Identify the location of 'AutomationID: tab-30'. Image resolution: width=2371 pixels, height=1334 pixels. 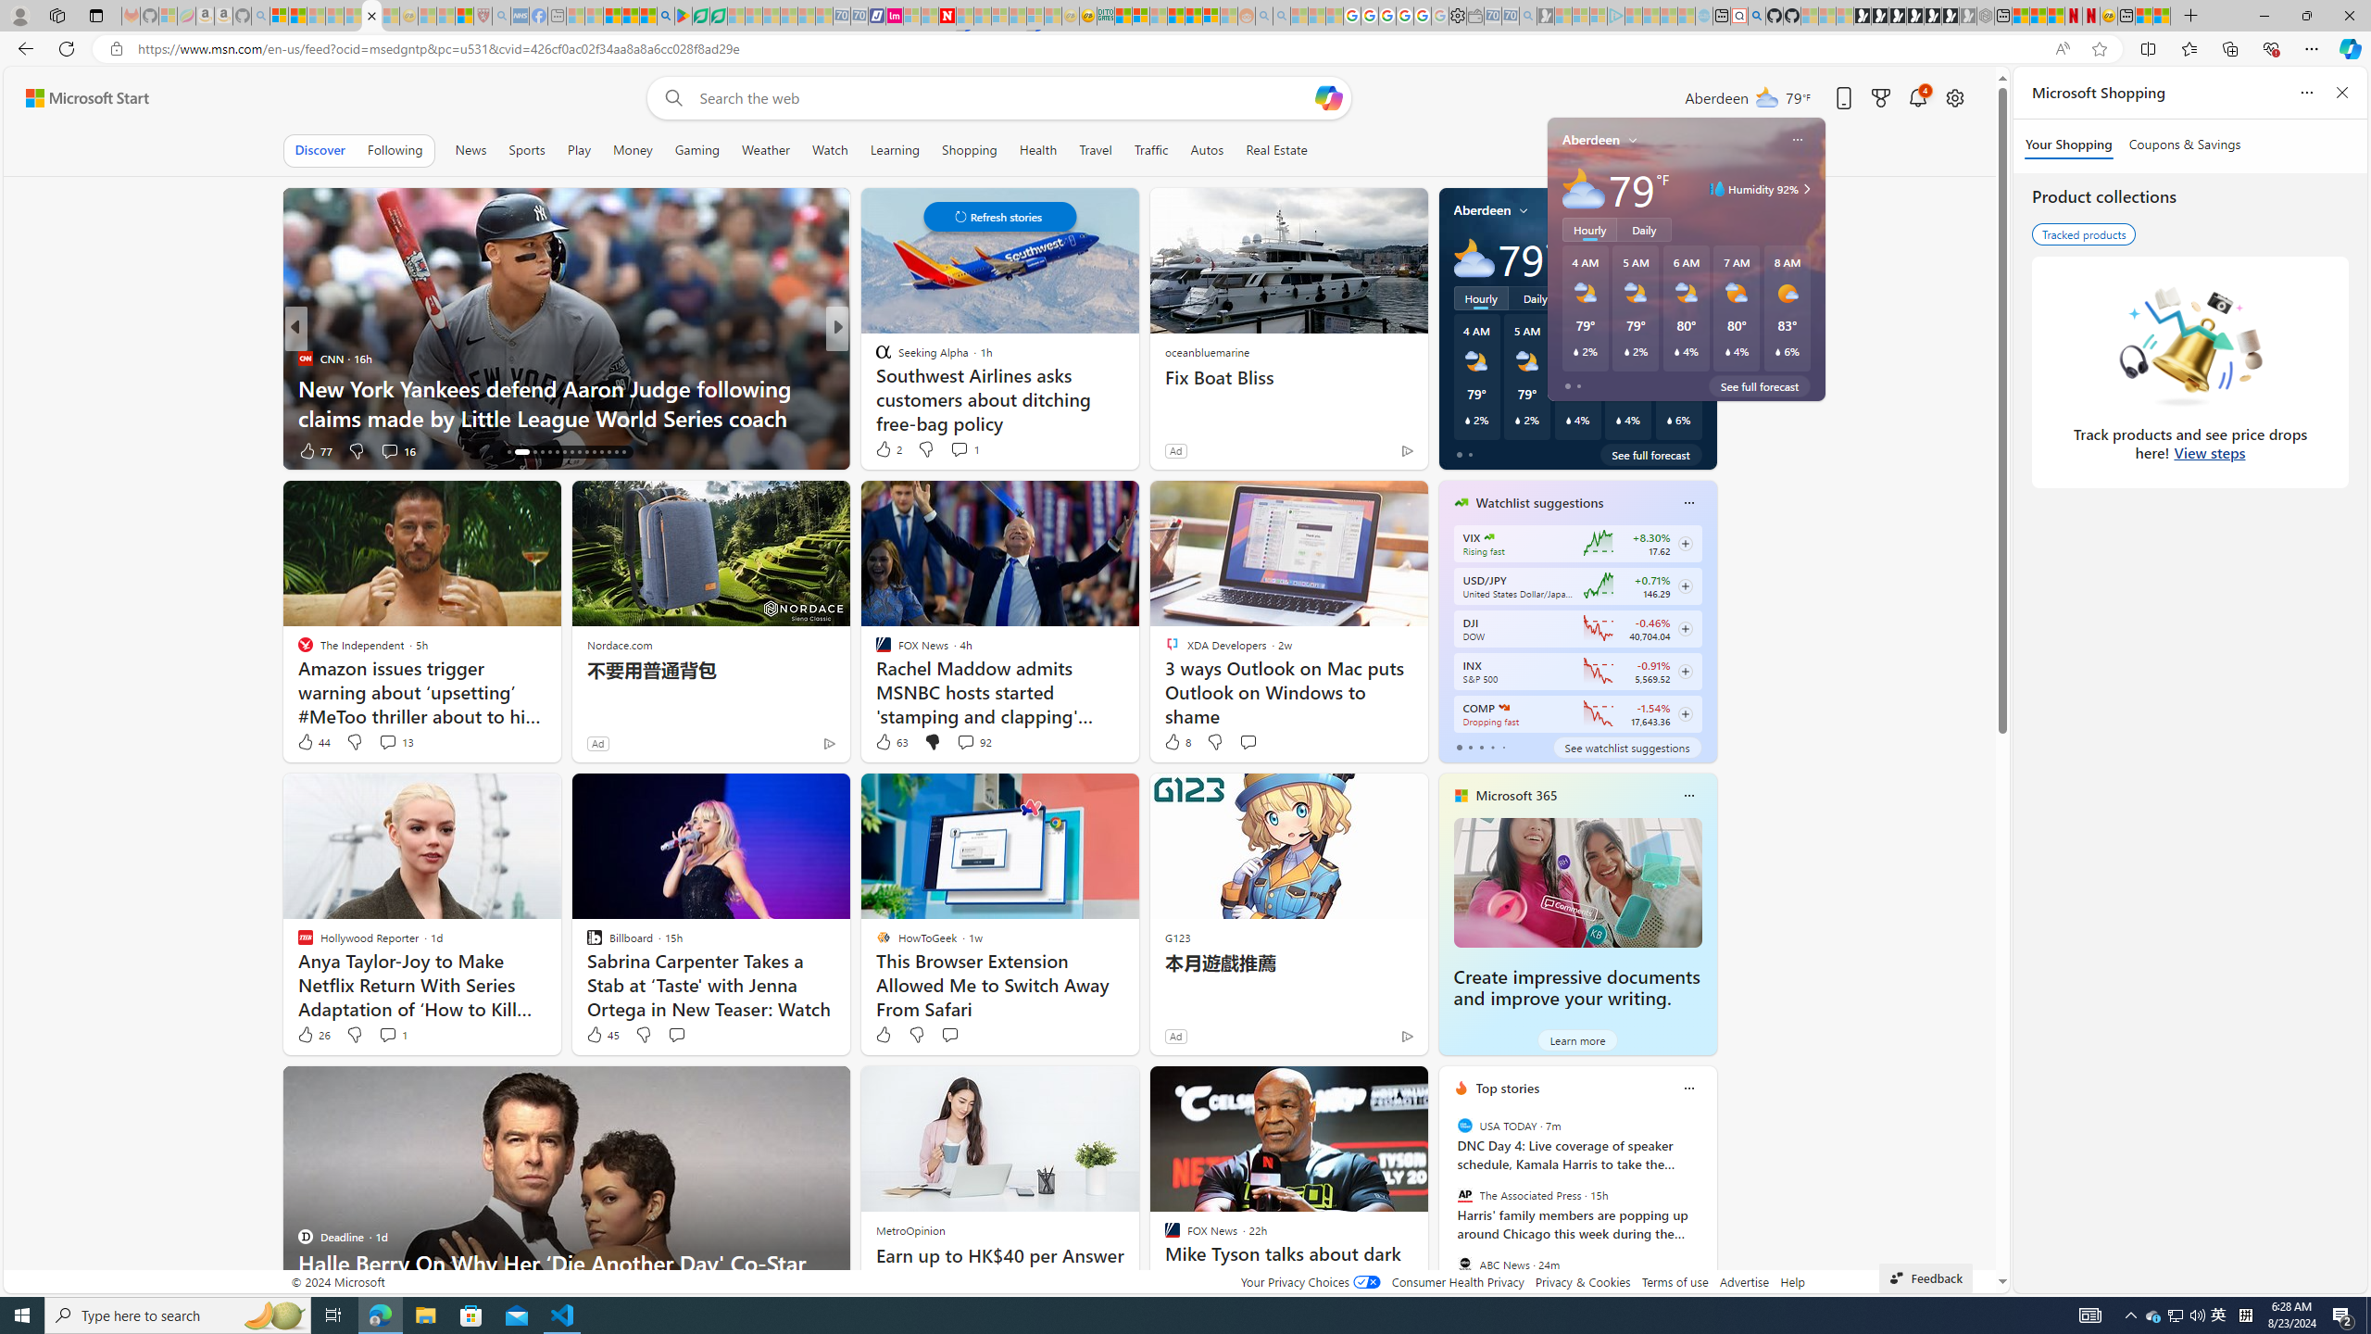
(622, 451).